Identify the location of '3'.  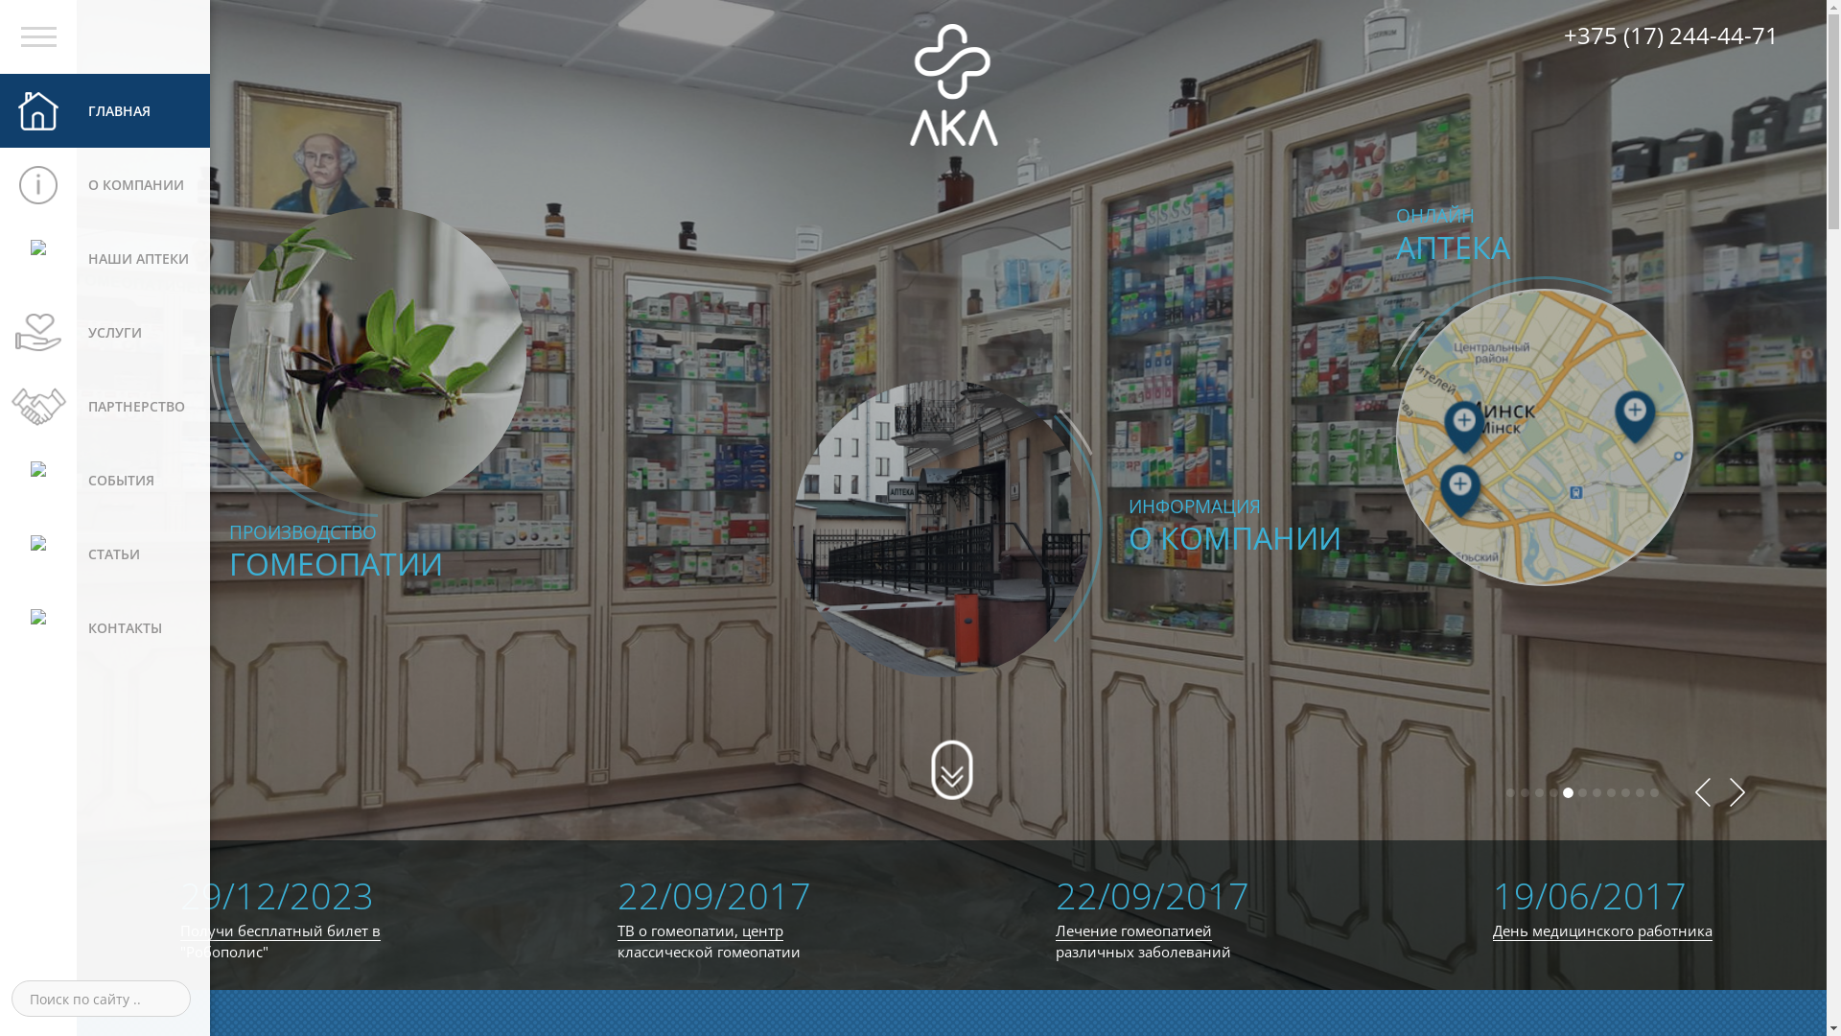
(1539, 792).